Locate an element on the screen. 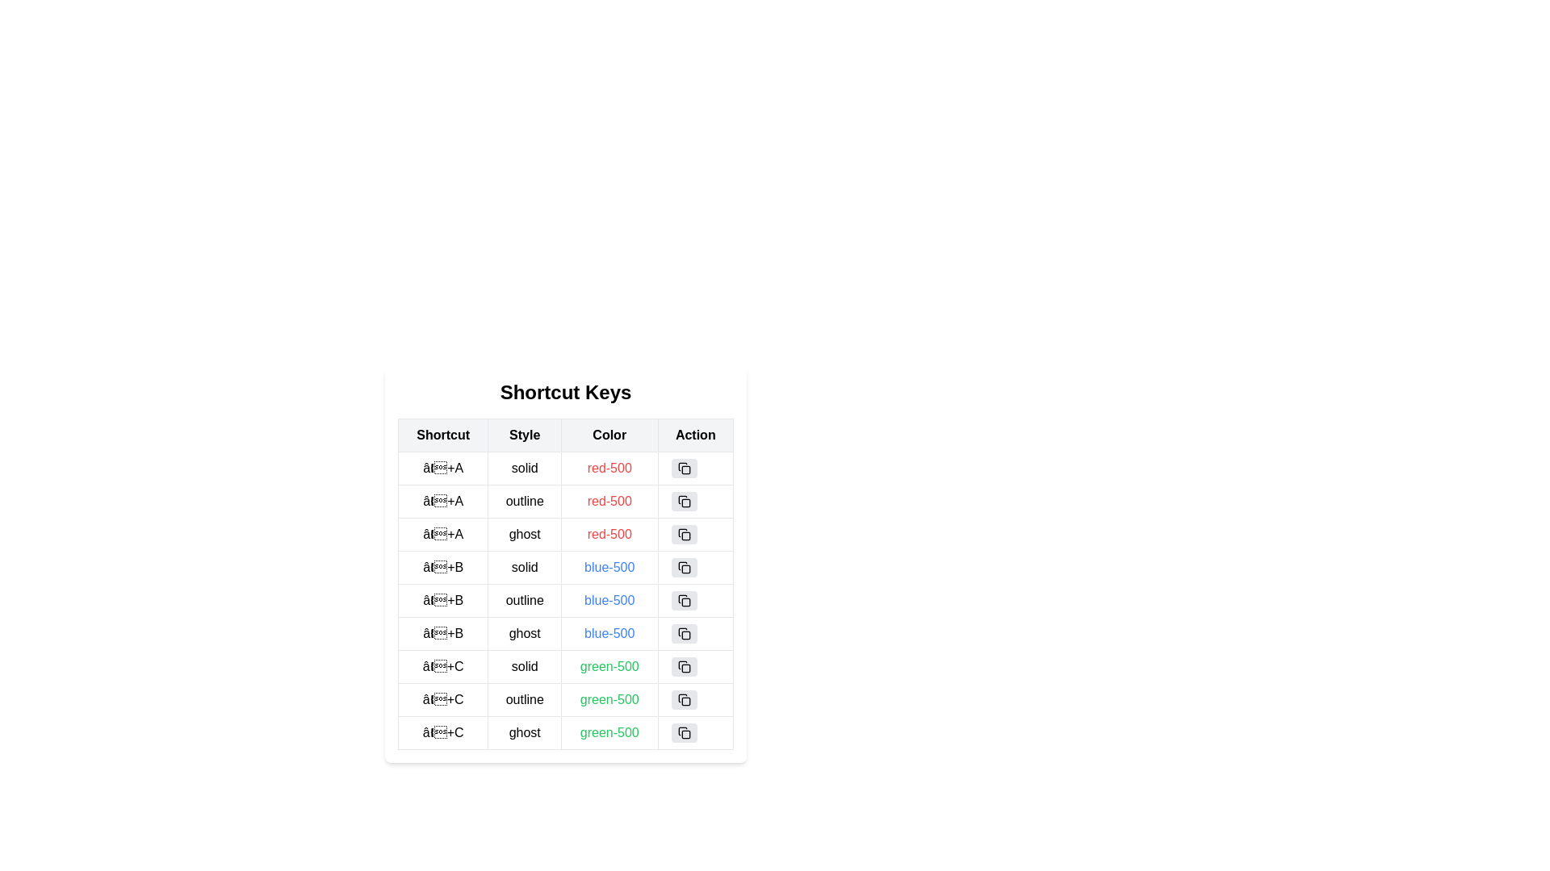  the Text indicator that represents the keyboard shortcut for the 'outline' style located in the 'Shortcut' column of the 'Shortcut Keys' table, which also has 'green-500' in the 'Color' column is located at coordinates (443, 698).